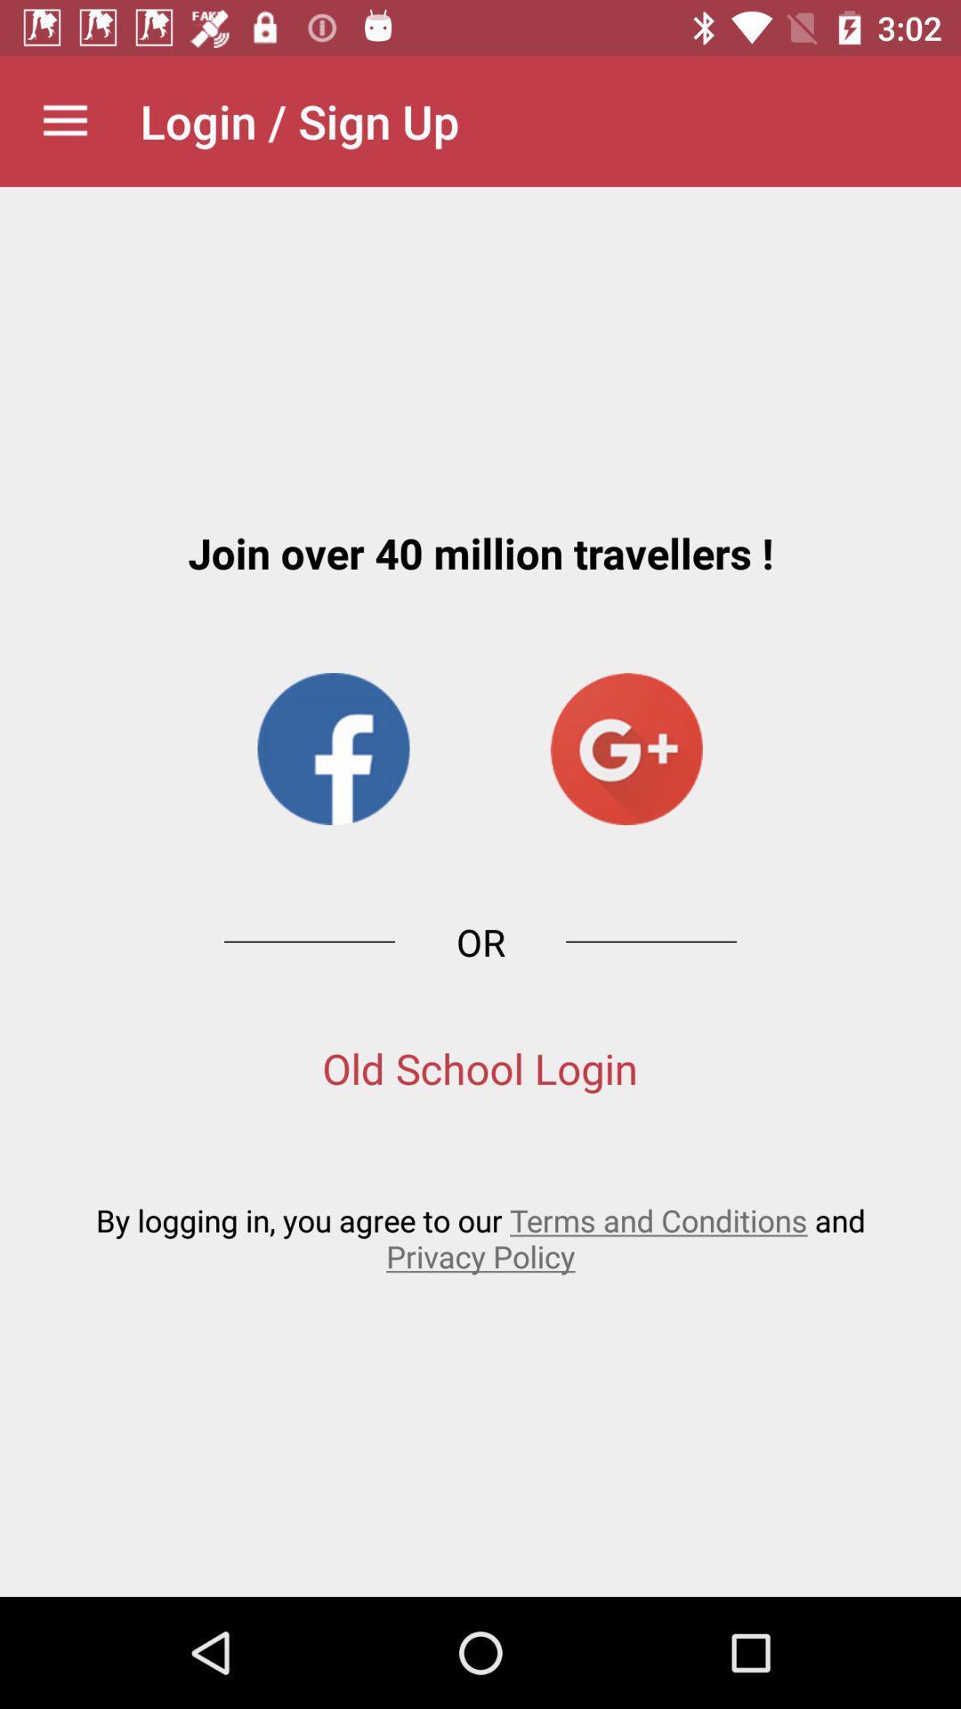 This screenshot has width=961, height=1709. I want to click on login with facebook, so click(333, 749).